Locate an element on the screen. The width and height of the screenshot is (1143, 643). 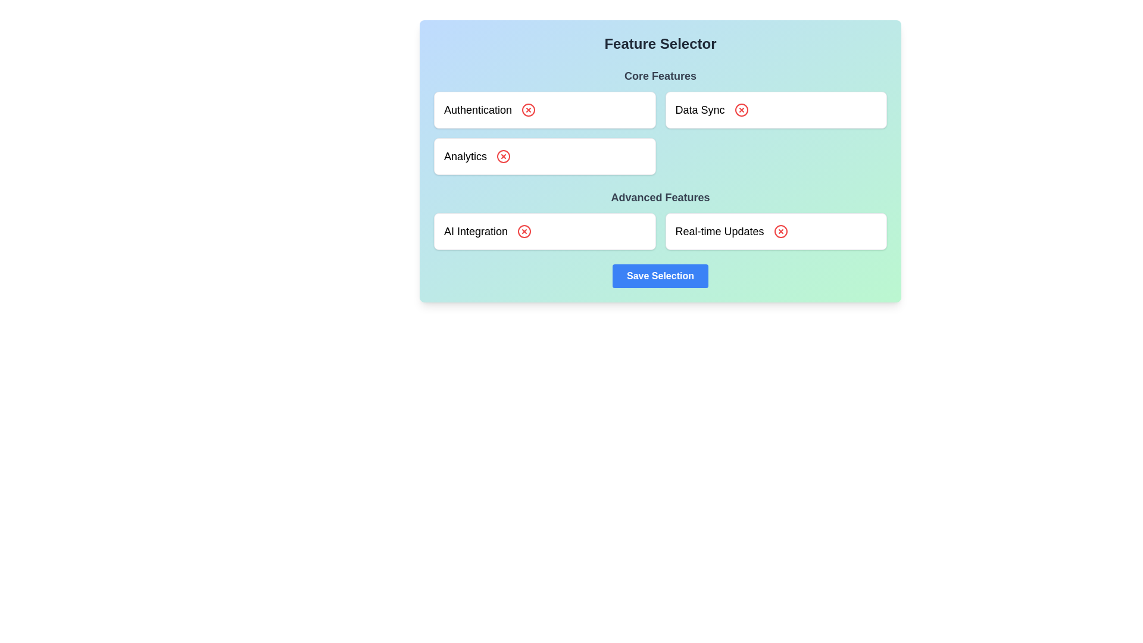
the visual cue of the circular graphical component located in the 'Advanced Features' section beside the label 'AI Integration', indicating a removal or cancel action is located at coordinates (524, 232).